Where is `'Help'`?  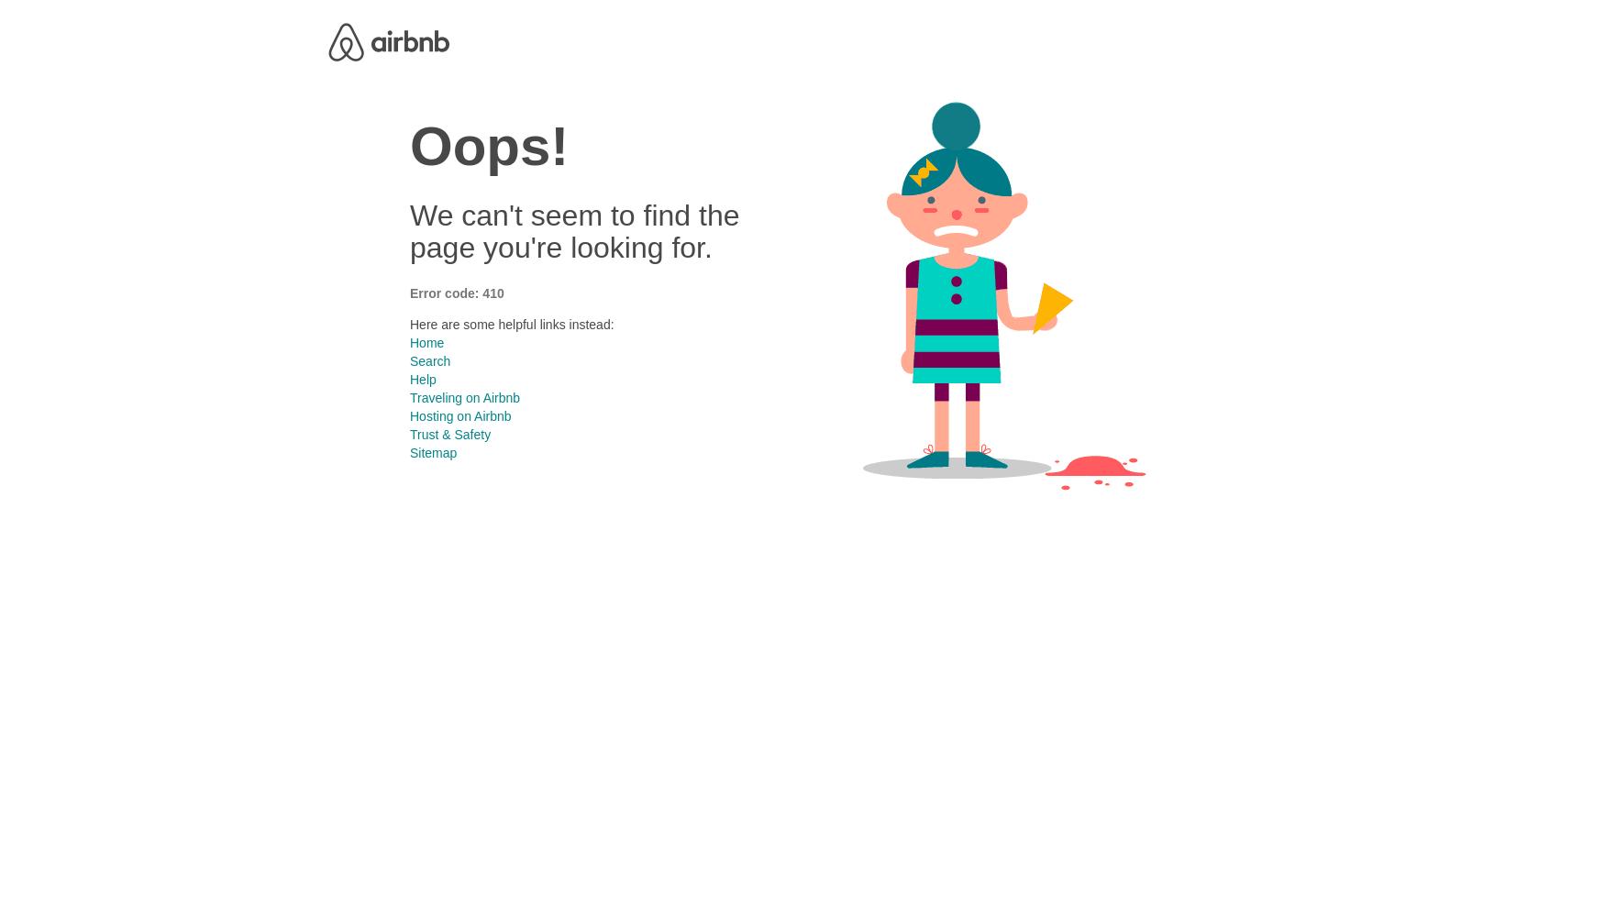 'Help' is located at coordinates (409, 379).